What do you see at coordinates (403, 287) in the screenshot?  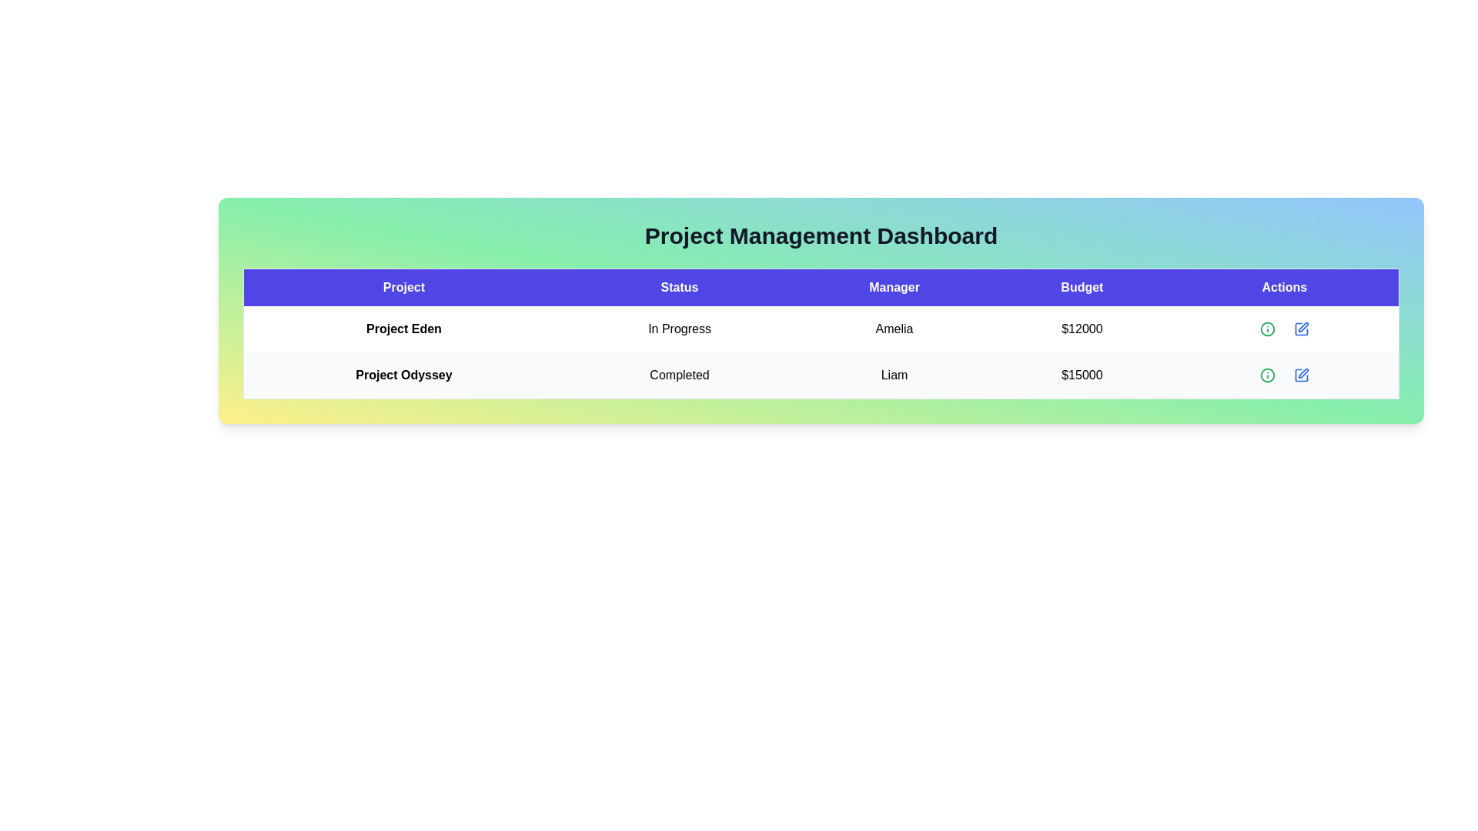 I see `the 'Project' header label in the table, which is the first header element on the far left before the 'Status' header` at bounding box center [403, 287].